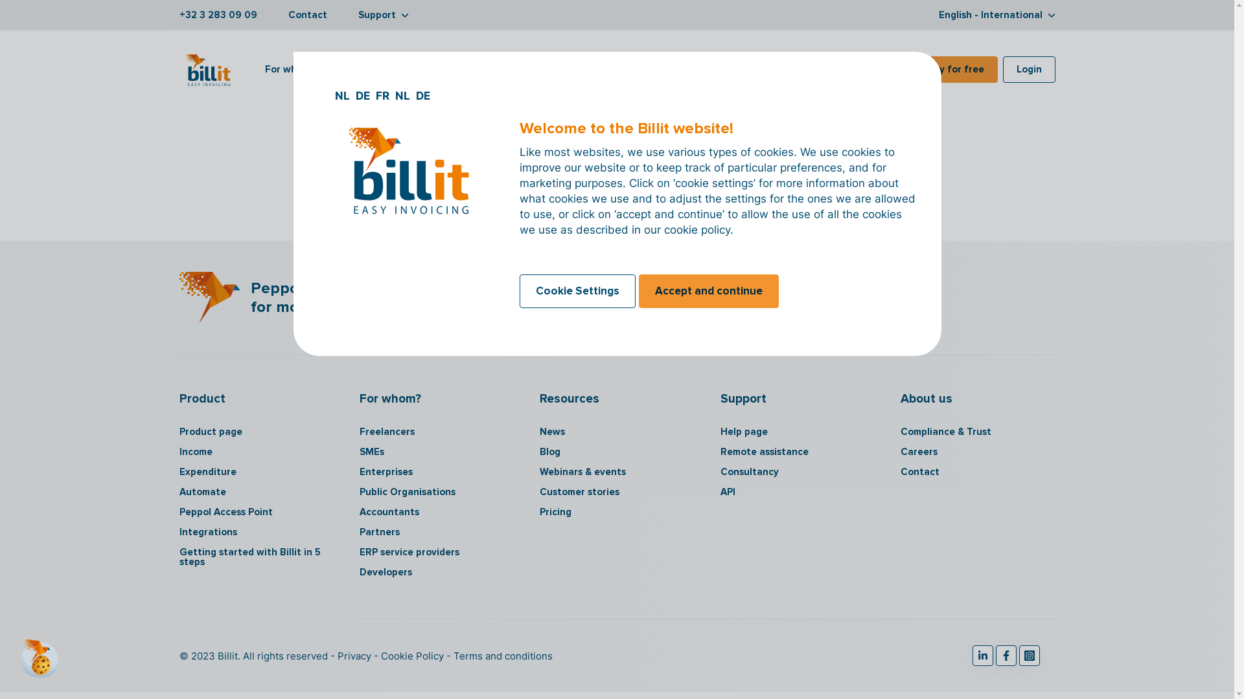 This screenshot has width=1244, height=699. What do you see at coordinates (363, 94) in the screenshot?
I see `'DE'` at bounding box center [363, 94].